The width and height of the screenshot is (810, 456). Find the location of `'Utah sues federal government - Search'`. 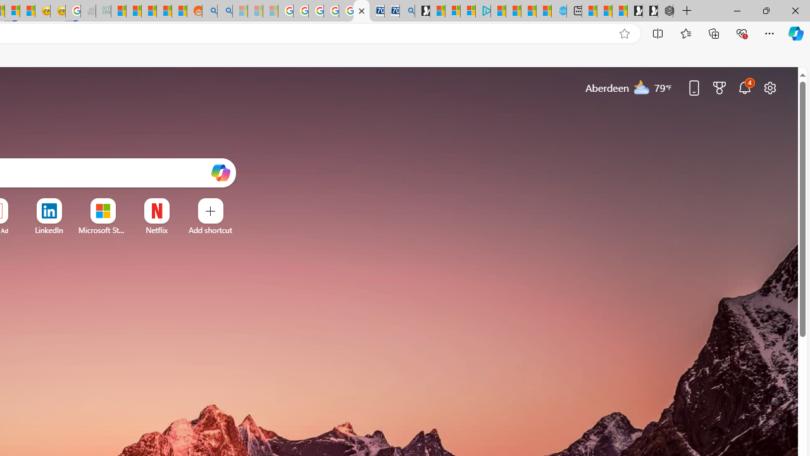

'Utah sues federal government - Search' is located at coordinates (225, 11).